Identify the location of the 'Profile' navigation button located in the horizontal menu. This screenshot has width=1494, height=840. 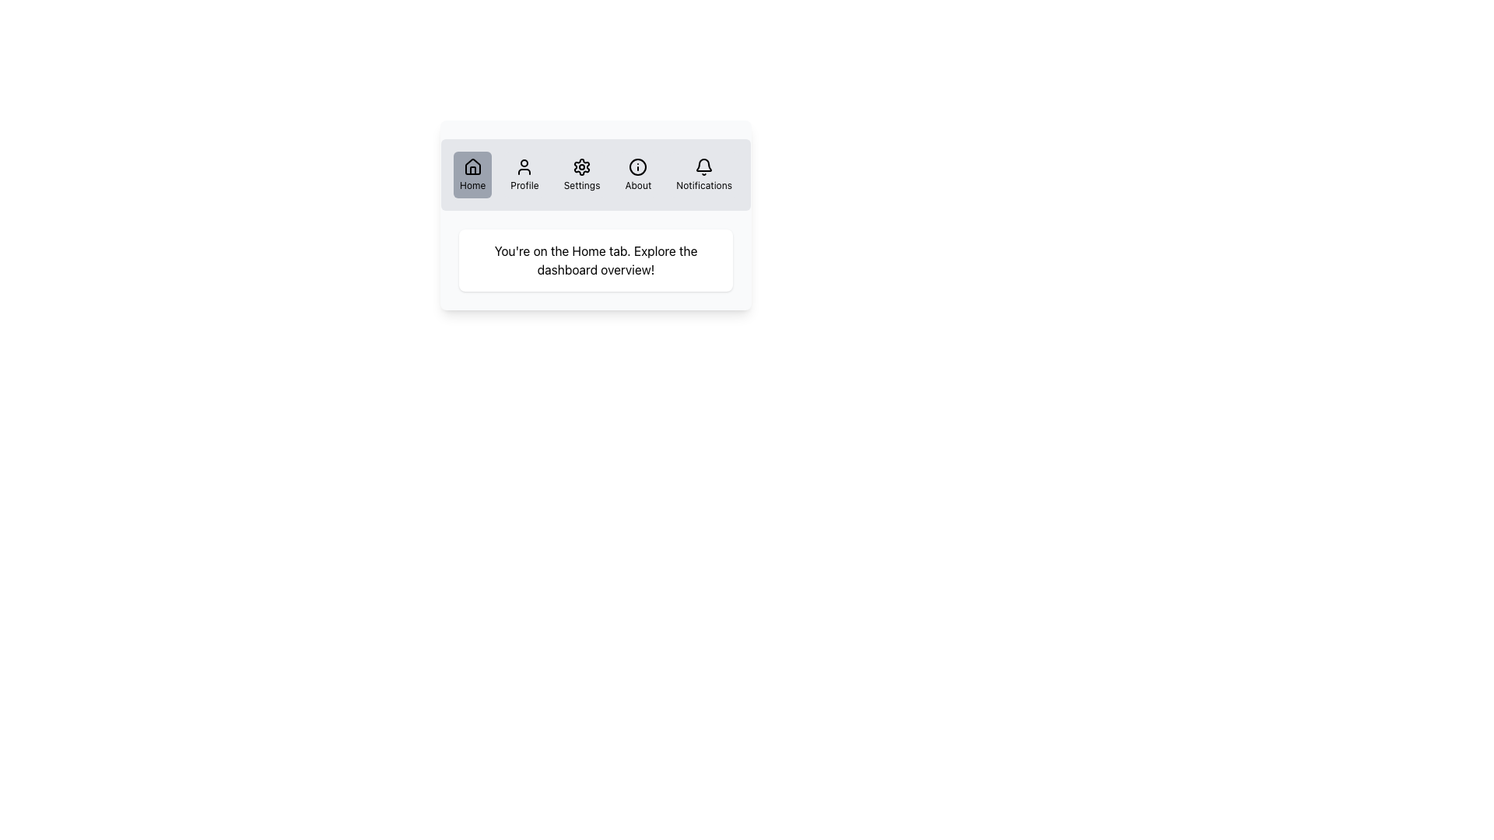
(524, 174).